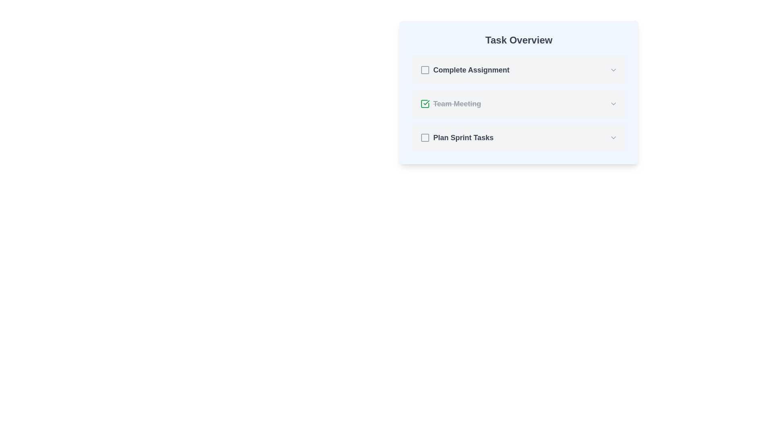 Image resolution: width=773 pixels, height=435 pixels. Describe the element at coordinates (457, 137) in the screenshot. I see `the checkbox labeled 'Plan Sprint Tasks'` at that location.